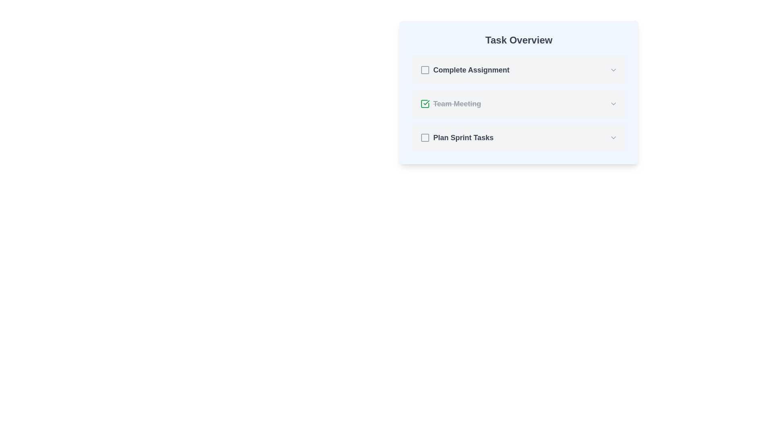 Image resolution: width=773 pixels, height=435 pixels. Describe the element at coordinates (457, 137) in the screenshot. I see `the checkbox labeled 'Plan Sprint Tasks'` at that location.